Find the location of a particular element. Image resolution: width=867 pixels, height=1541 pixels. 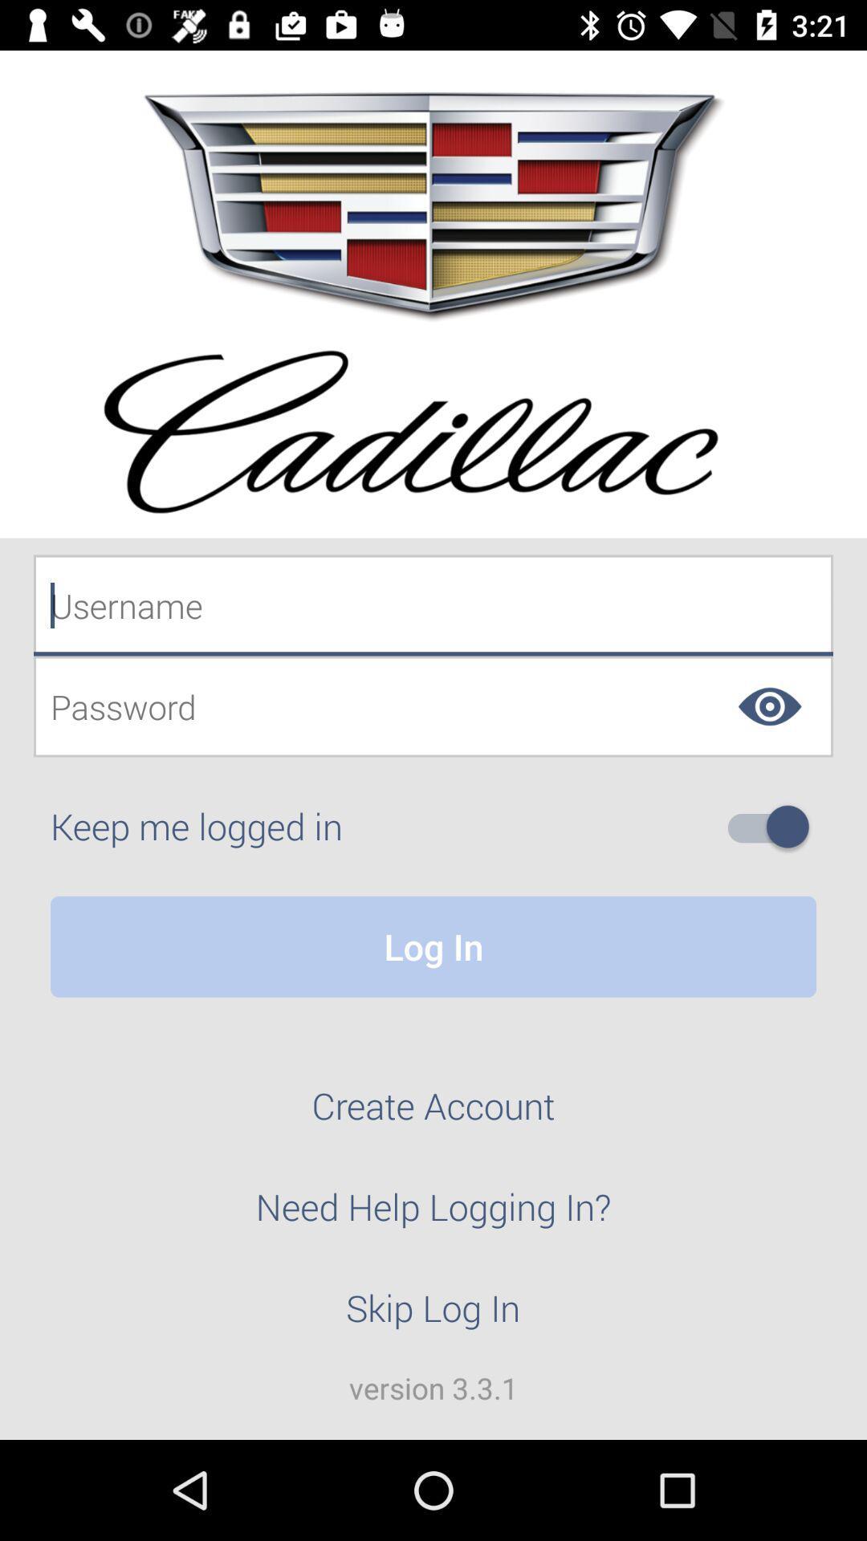

icon above log in is located at coordinates (774, 827).